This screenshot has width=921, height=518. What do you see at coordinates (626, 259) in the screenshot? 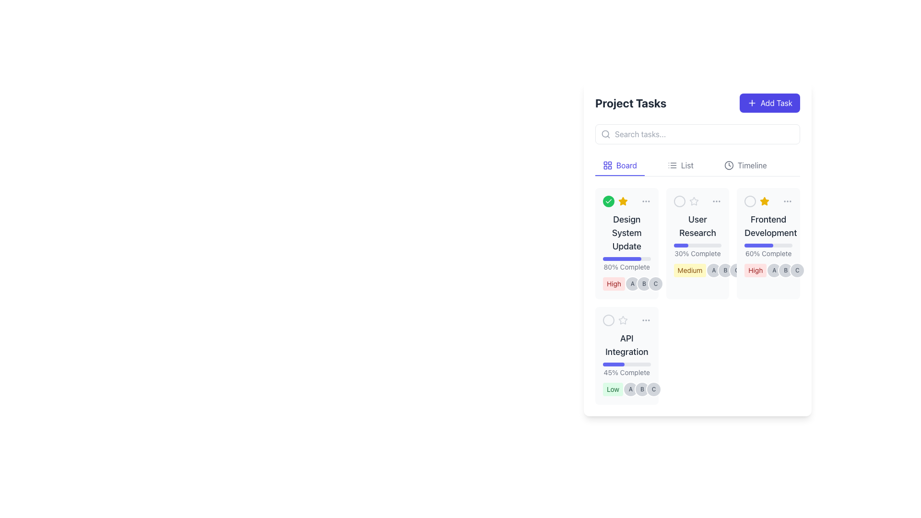
I see `the progress bar that displays the current progress of the 'Design System Update' task, which shows '80% Complete'` at bounding box center [626, 259].